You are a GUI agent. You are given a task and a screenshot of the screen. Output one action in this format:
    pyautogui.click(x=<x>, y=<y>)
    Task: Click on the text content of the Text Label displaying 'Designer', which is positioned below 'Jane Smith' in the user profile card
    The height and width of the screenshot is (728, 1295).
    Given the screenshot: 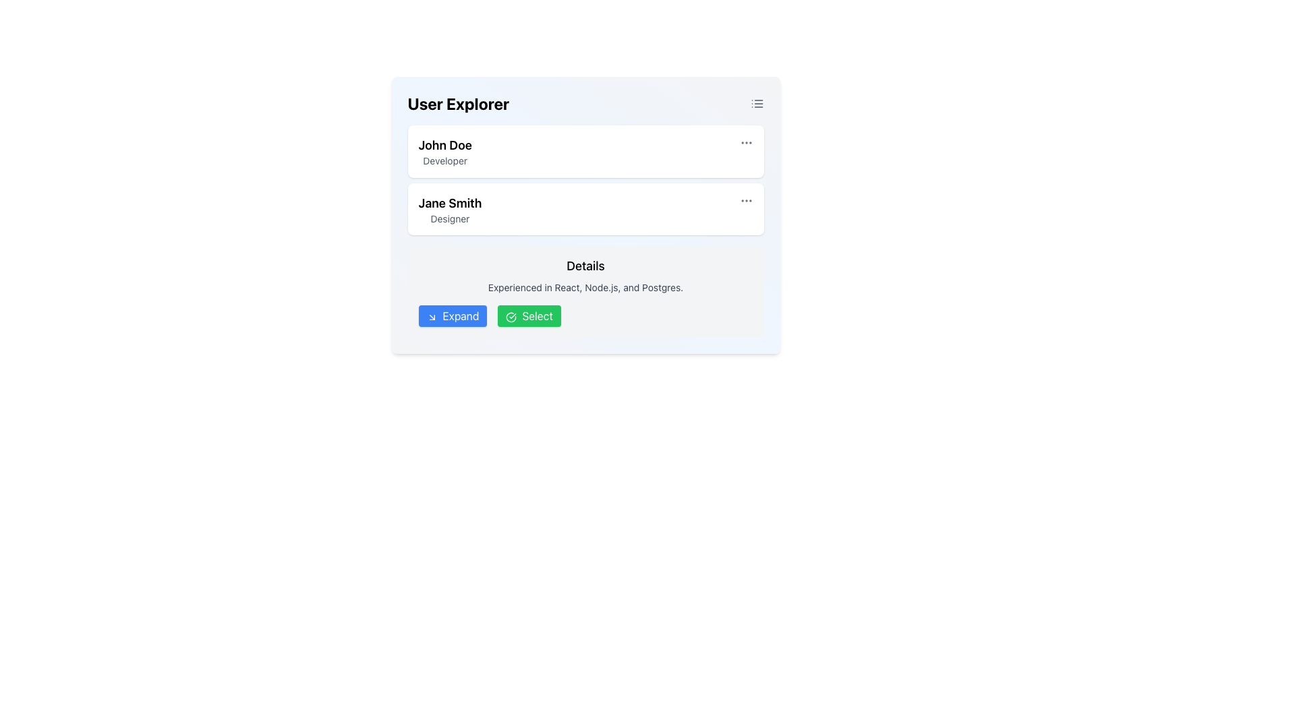 What is the action you would take?
    pyautogui.click(x=450, y=218)
    